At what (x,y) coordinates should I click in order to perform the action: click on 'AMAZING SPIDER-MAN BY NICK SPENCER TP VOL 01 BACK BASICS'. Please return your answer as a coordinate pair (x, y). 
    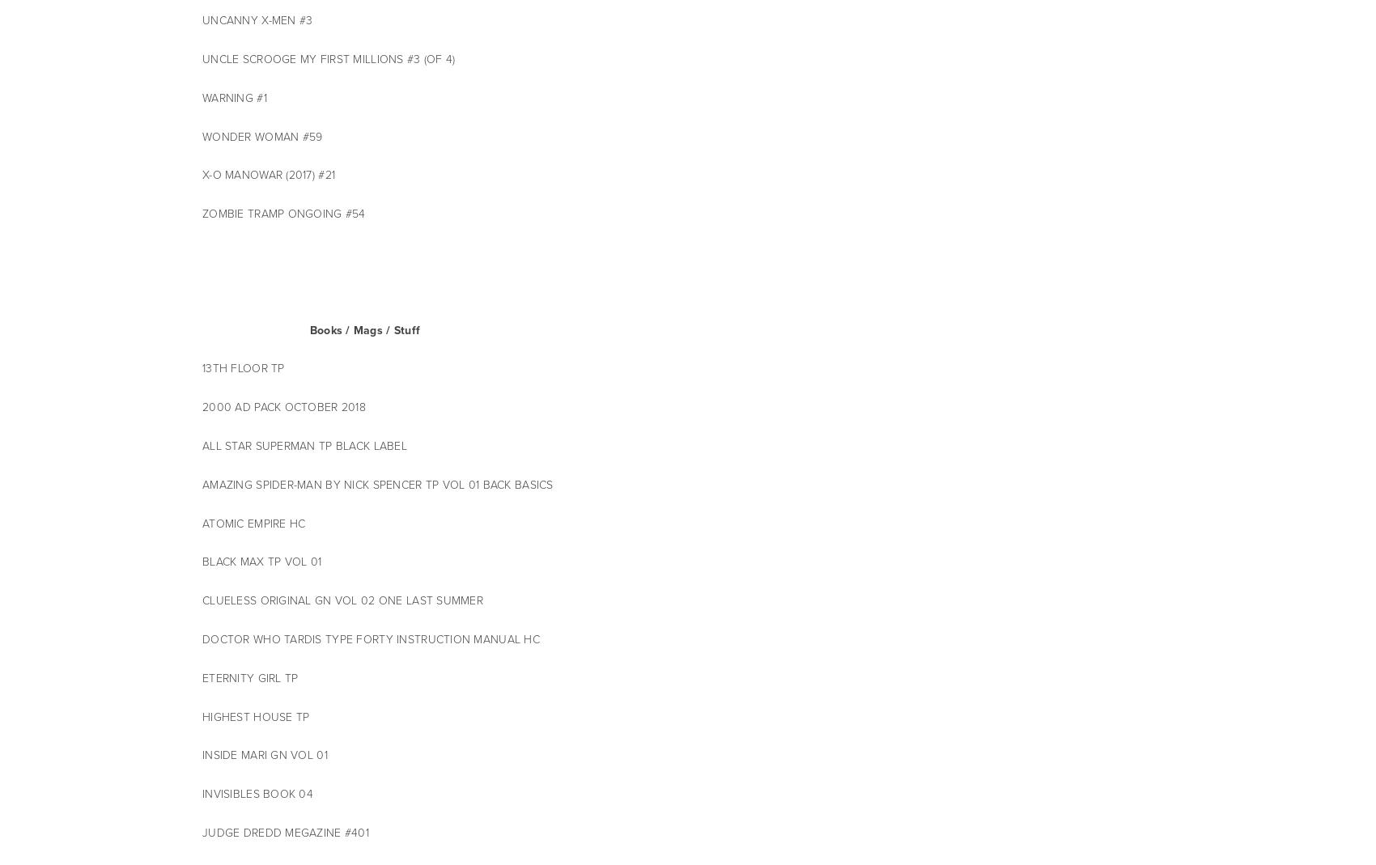
    Looking at the image, I should click on (202, 484).